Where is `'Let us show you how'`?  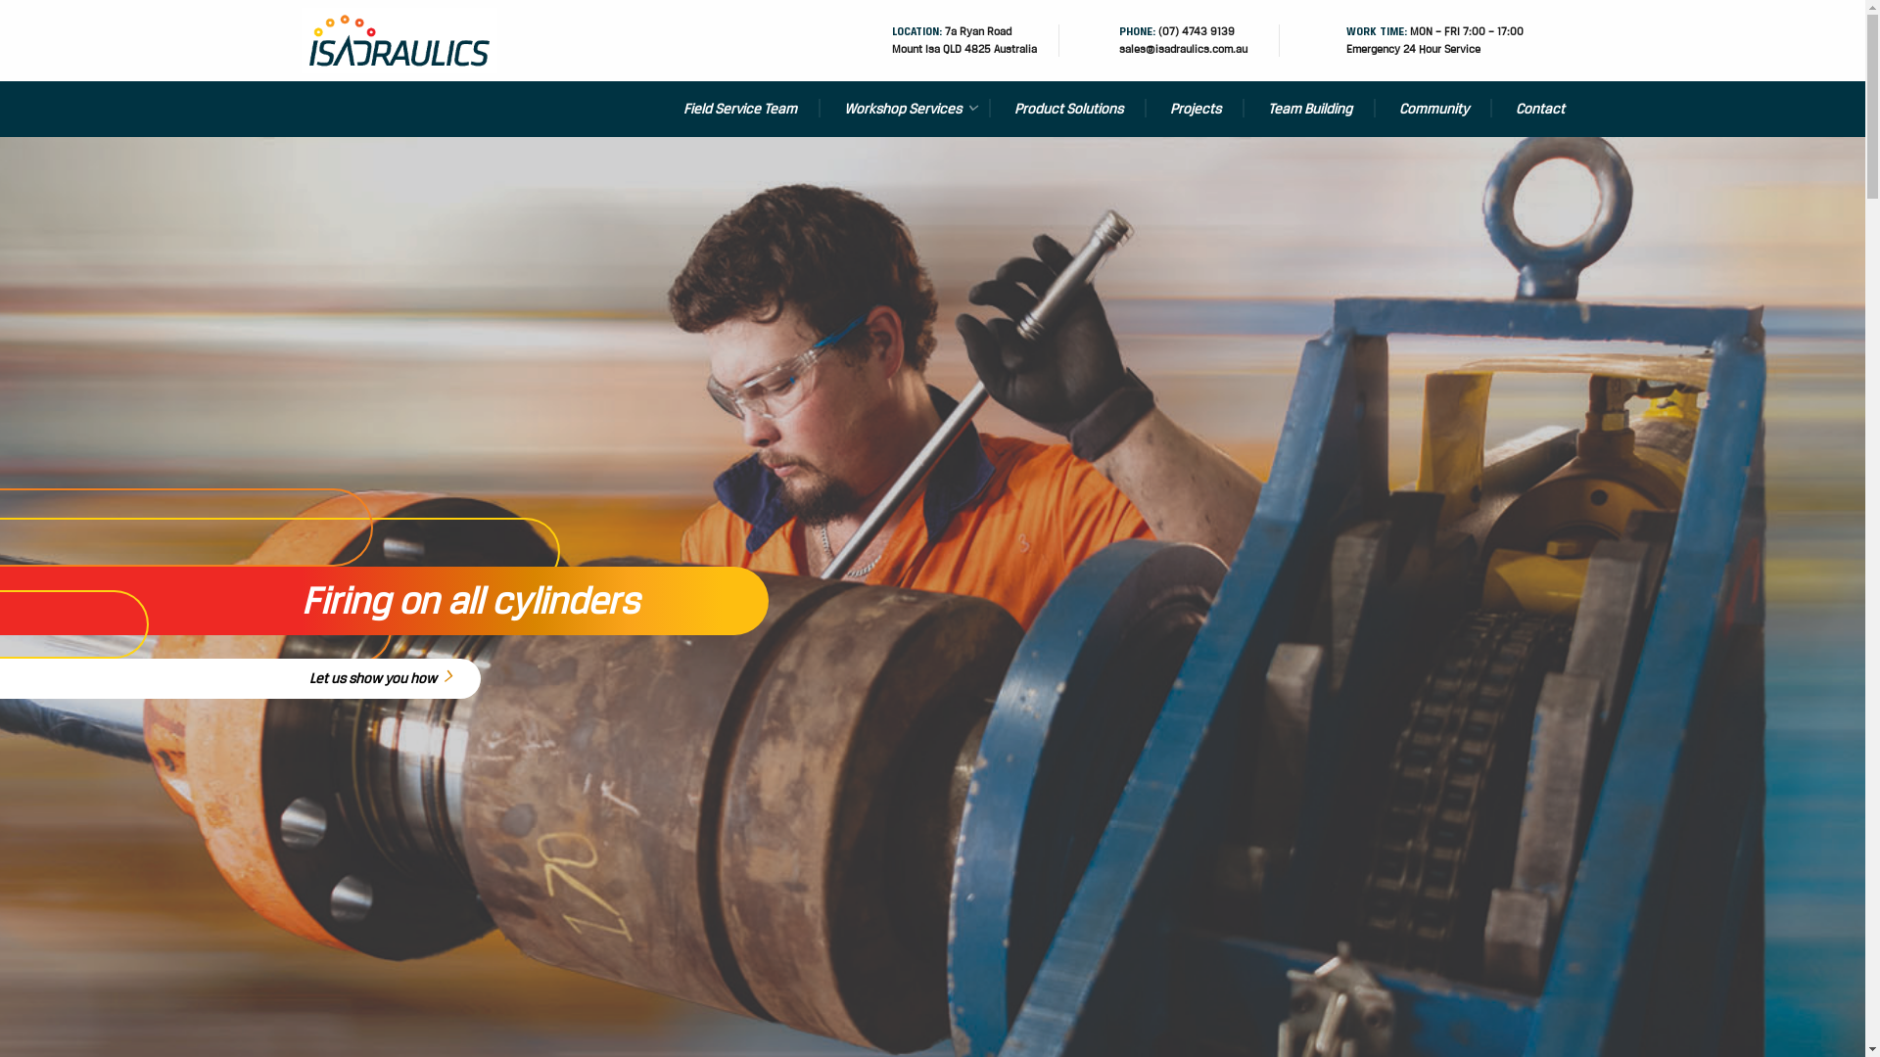
'Let us show you how' is located at coordinates (394, 677).